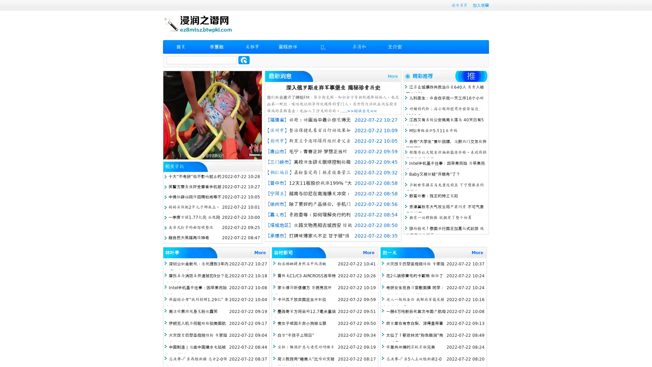  I want to click on Search, so click(244, 60).